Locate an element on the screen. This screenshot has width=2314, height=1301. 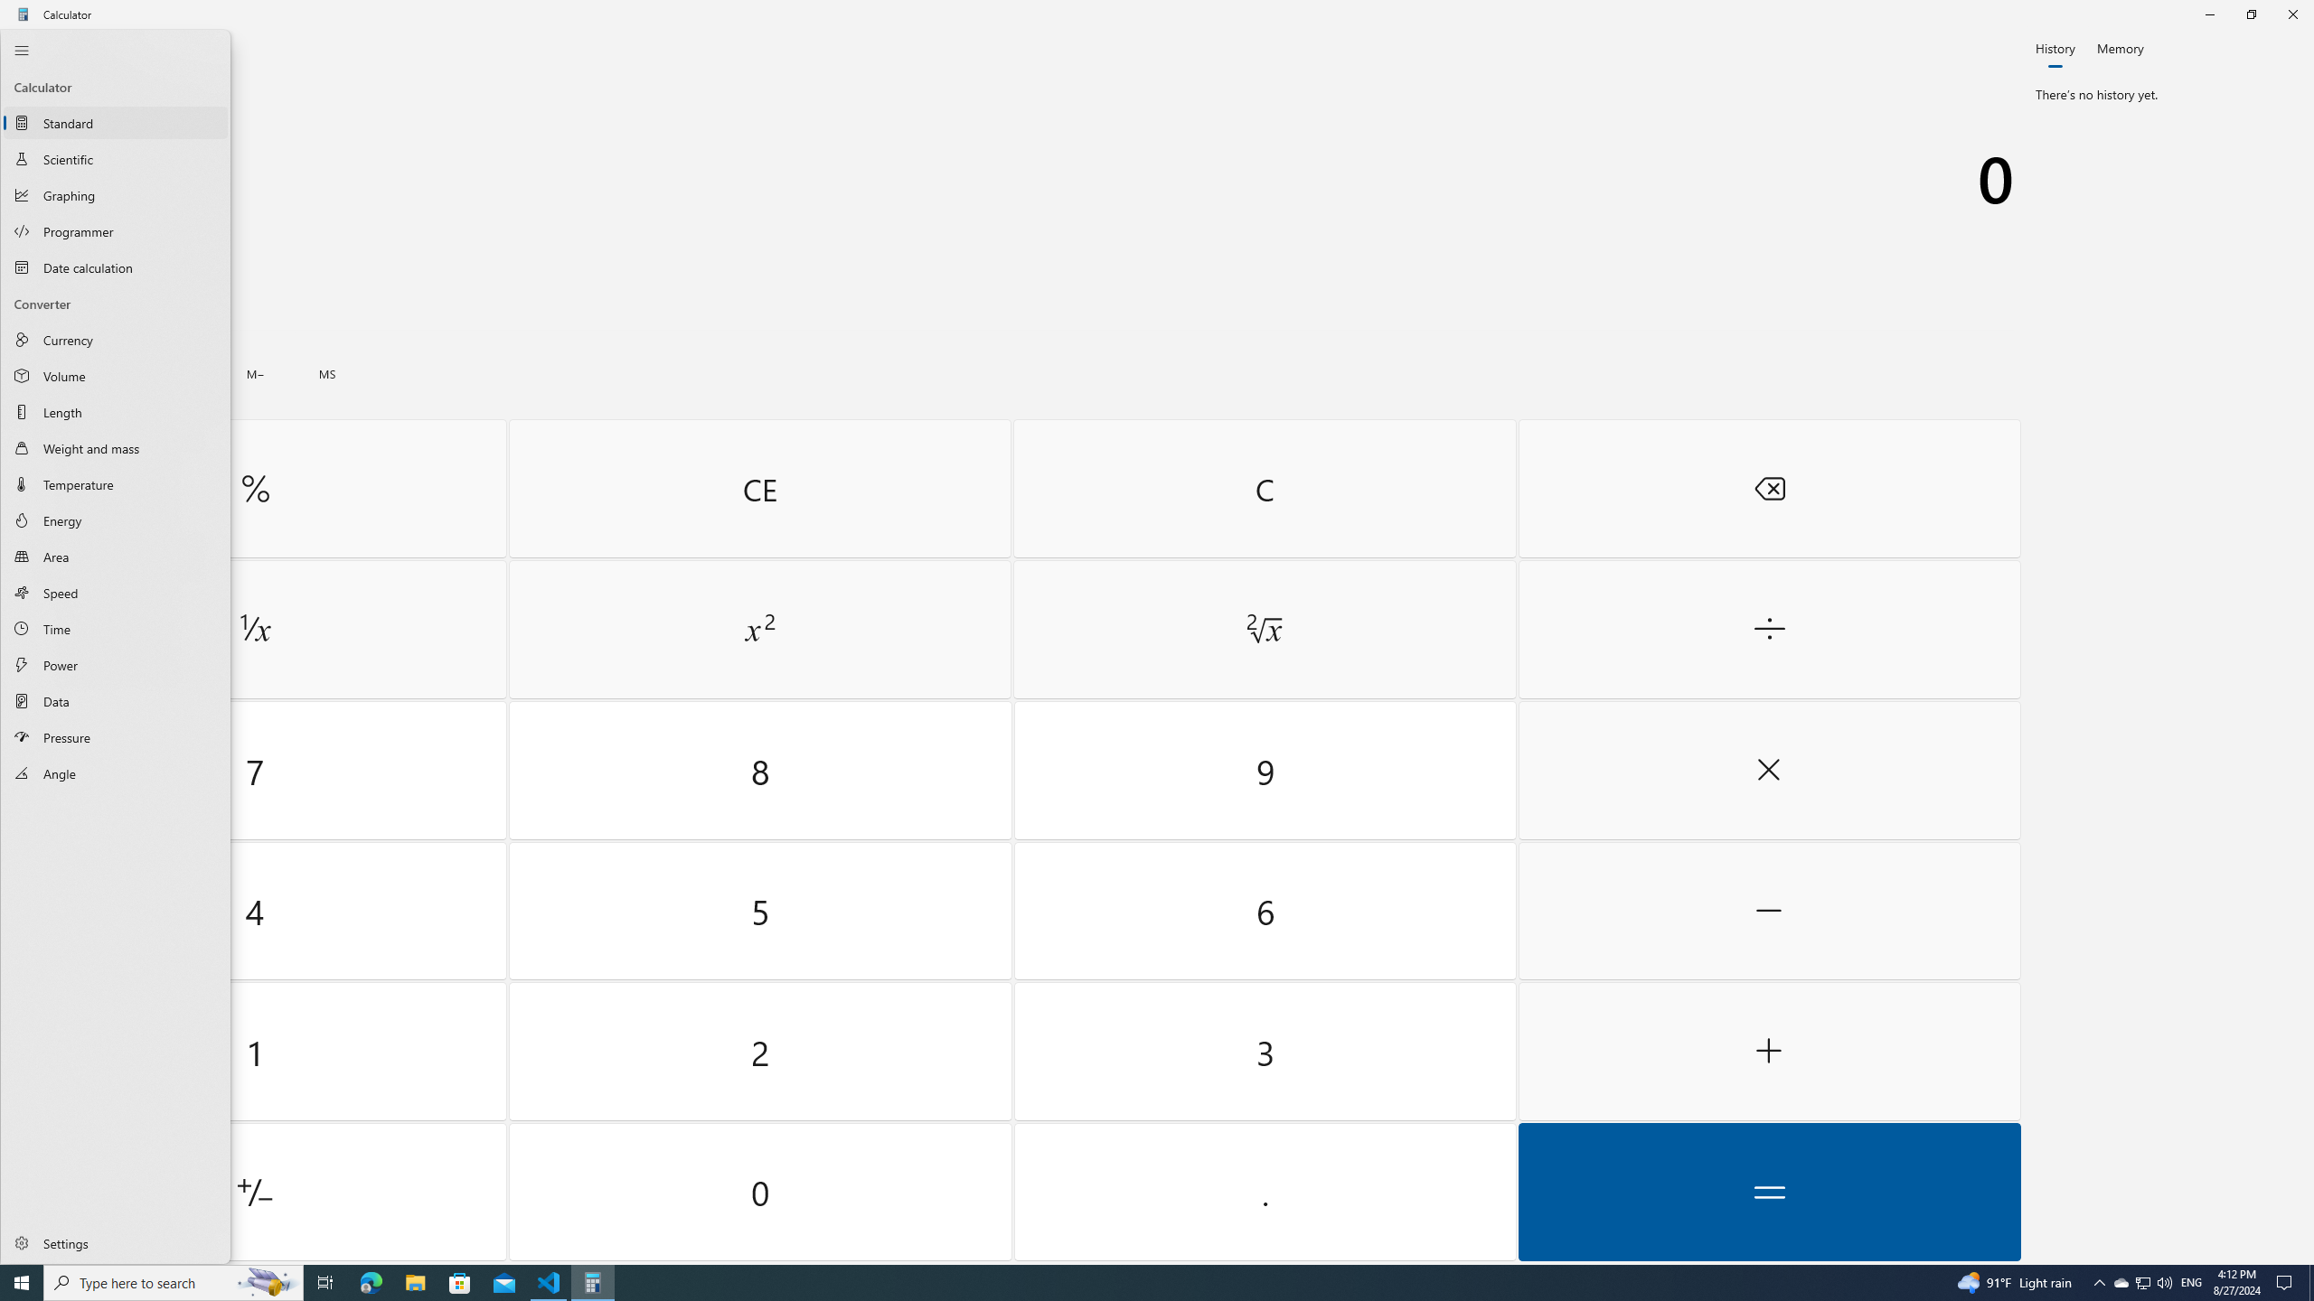
'Graphing Calculator' is located at coordinates (115, 194).